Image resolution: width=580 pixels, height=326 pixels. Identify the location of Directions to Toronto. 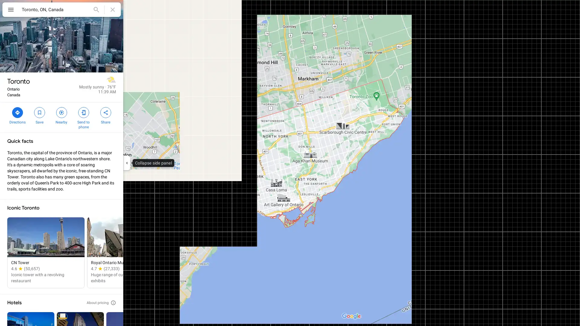
(17, 115).